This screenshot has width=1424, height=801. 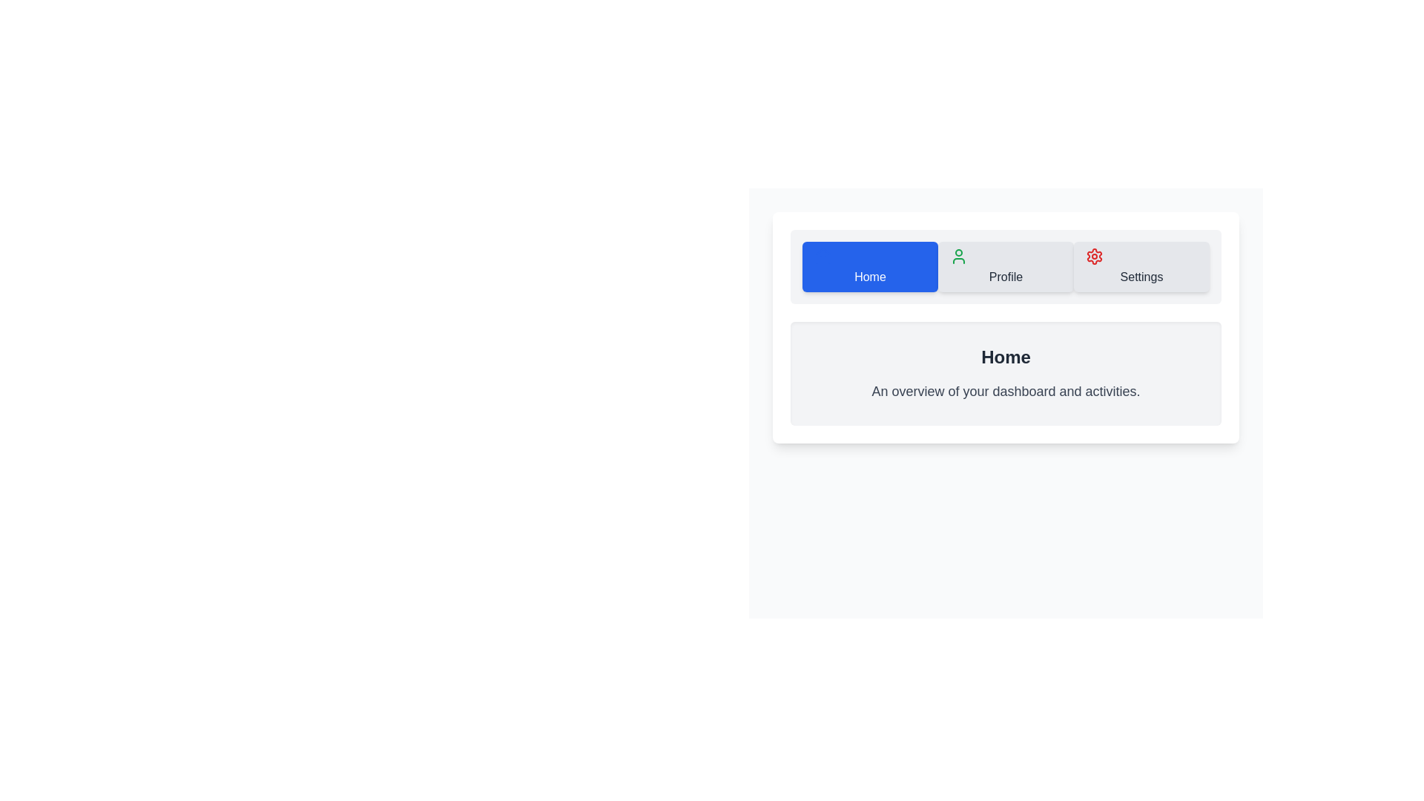 What do you see at coordinates (1141, 266) in the screenshot?
I see `the Settings tab to observe its hover effect` at bounding box center [1141, 266].